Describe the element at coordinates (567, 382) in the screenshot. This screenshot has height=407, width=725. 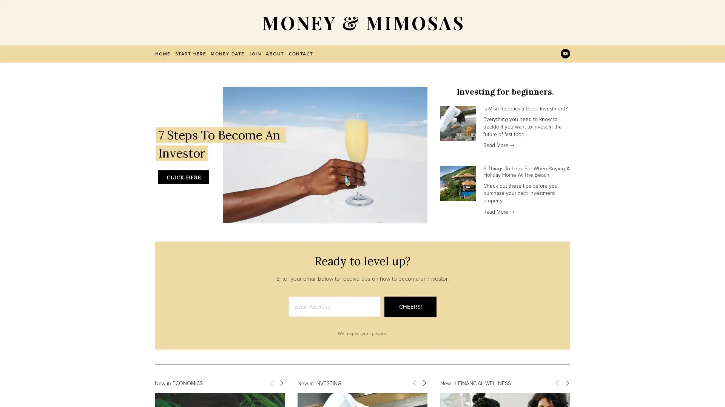
I see `Next` at that location.